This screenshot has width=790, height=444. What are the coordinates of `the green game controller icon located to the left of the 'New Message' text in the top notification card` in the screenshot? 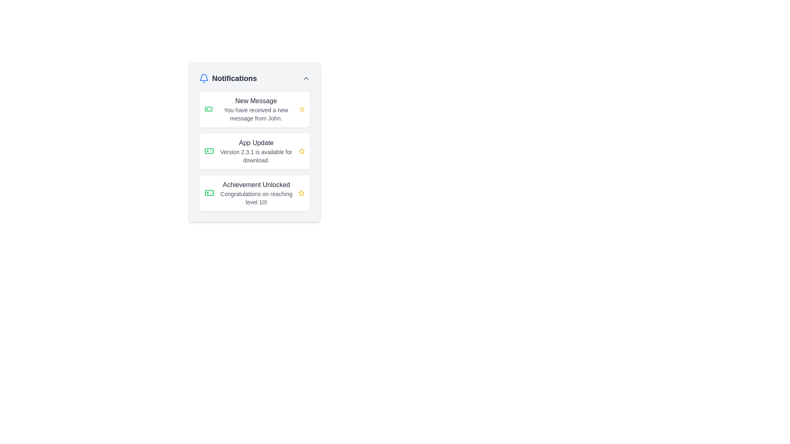 It's located at (209, 193).